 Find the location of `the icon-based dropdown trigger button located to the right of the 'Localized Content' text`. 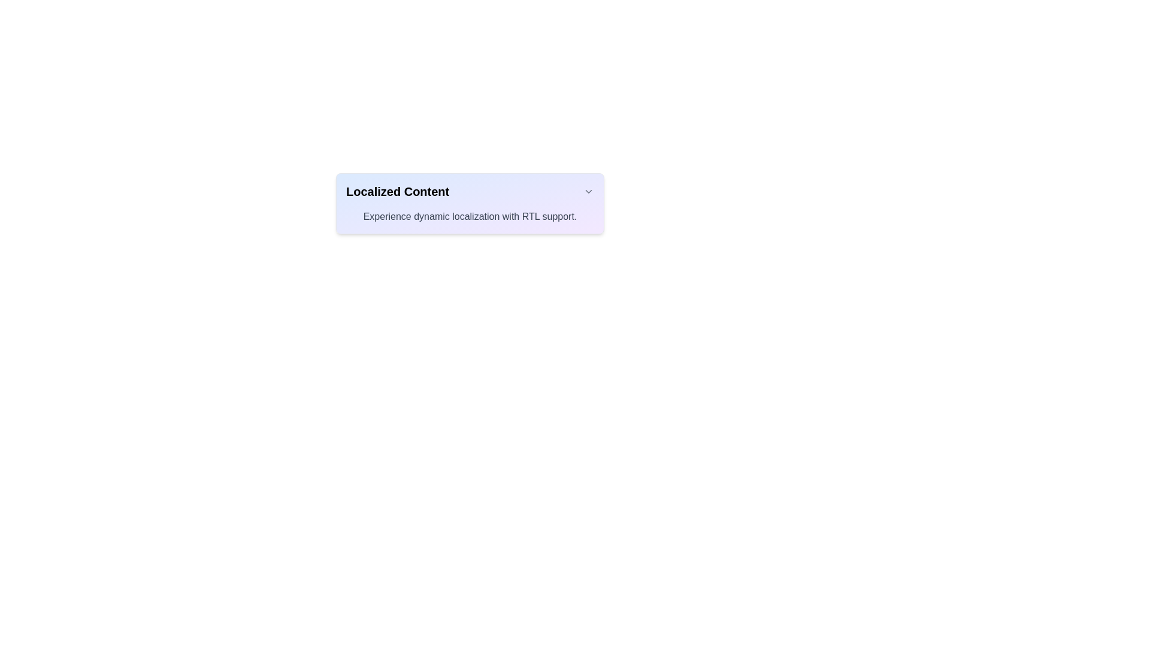

the icon-based dropdown trigger button located to the right of the 'Localized Content' text is located at coordinates (589, 191).